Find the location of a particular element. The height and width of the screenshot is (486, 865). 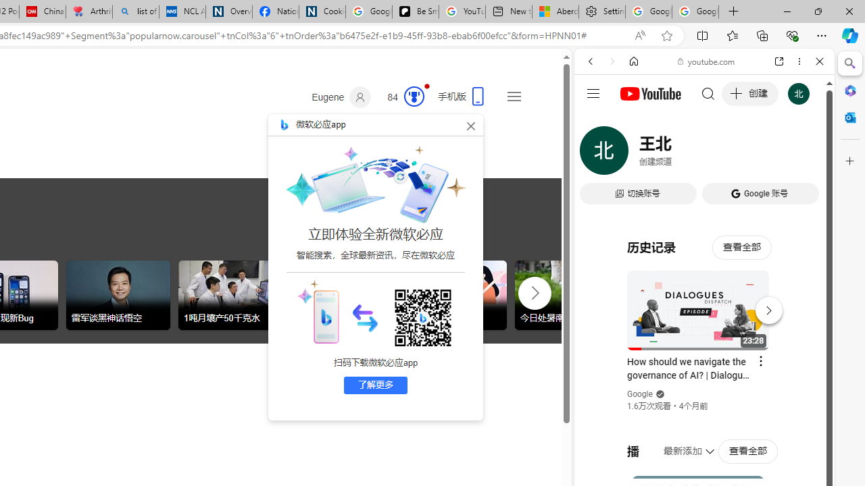

'Click to scroll right' is located at coordinates (534, 292).